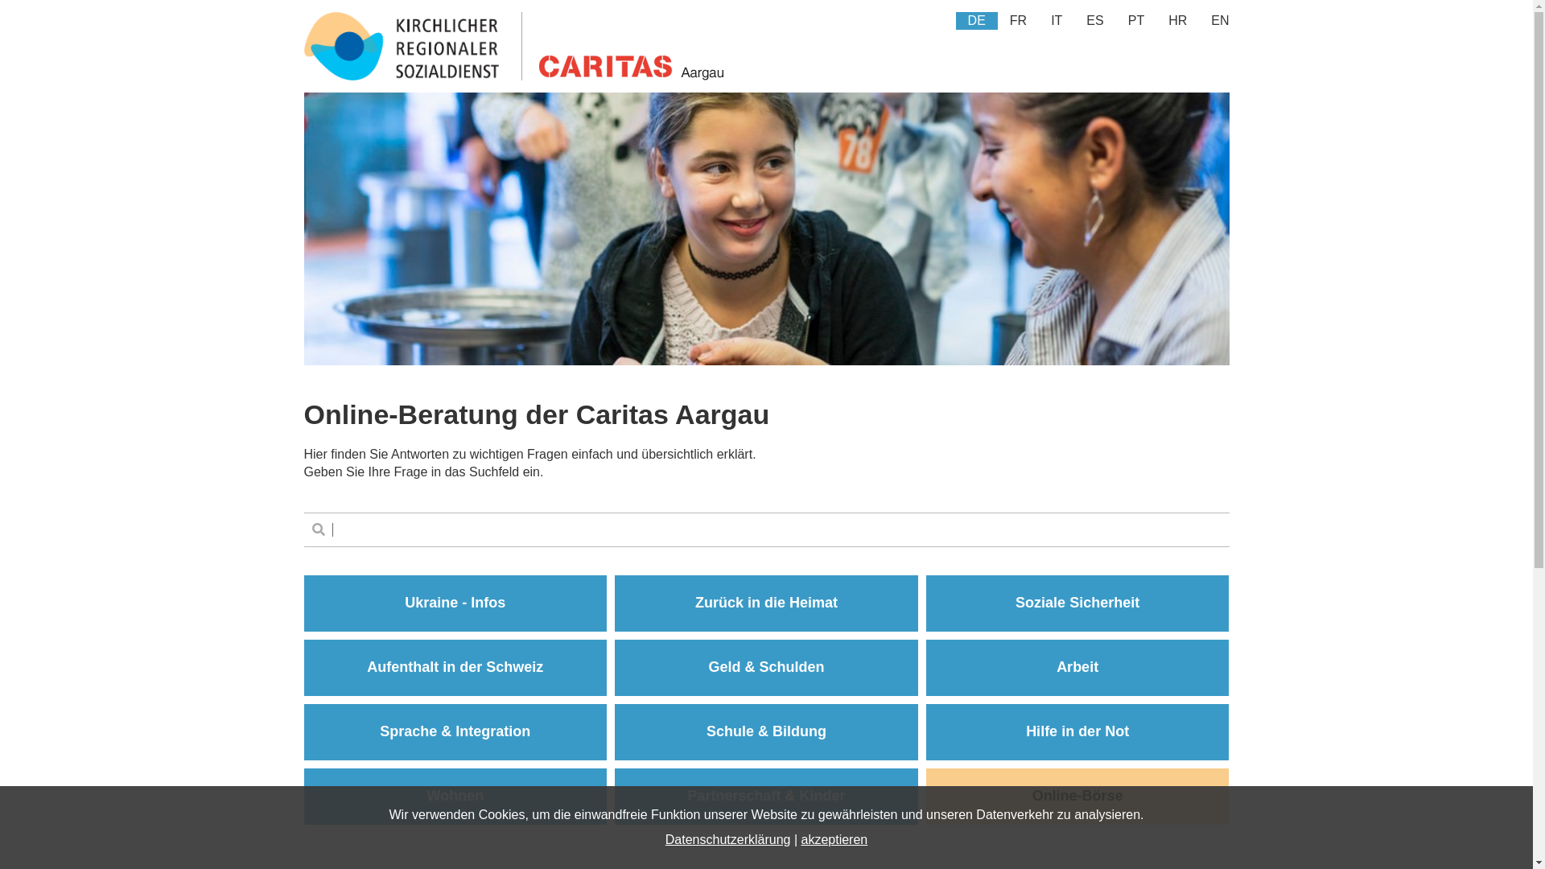 This screenshot has height=869, width=1545. What do you see at coordinates (455, 797) in the screenshot?
I see `'Wohnen'` at bounding box center [455, 797].